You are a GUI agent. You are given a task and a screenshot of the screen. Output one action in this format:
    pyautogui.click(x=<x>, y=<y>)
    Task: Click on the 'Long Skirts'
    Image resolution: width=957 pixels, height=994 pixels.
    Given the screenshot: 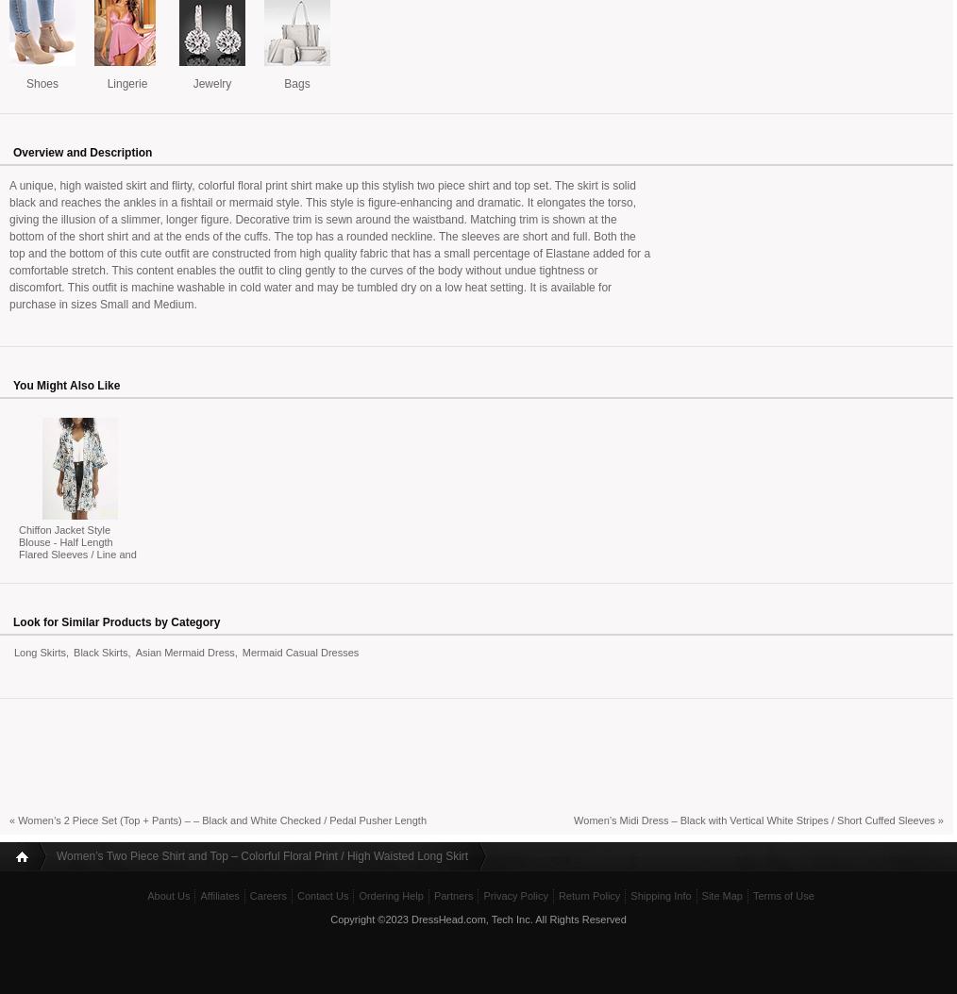 What is the action you would take?
    pyautogui.click(x=39, y=651)
    